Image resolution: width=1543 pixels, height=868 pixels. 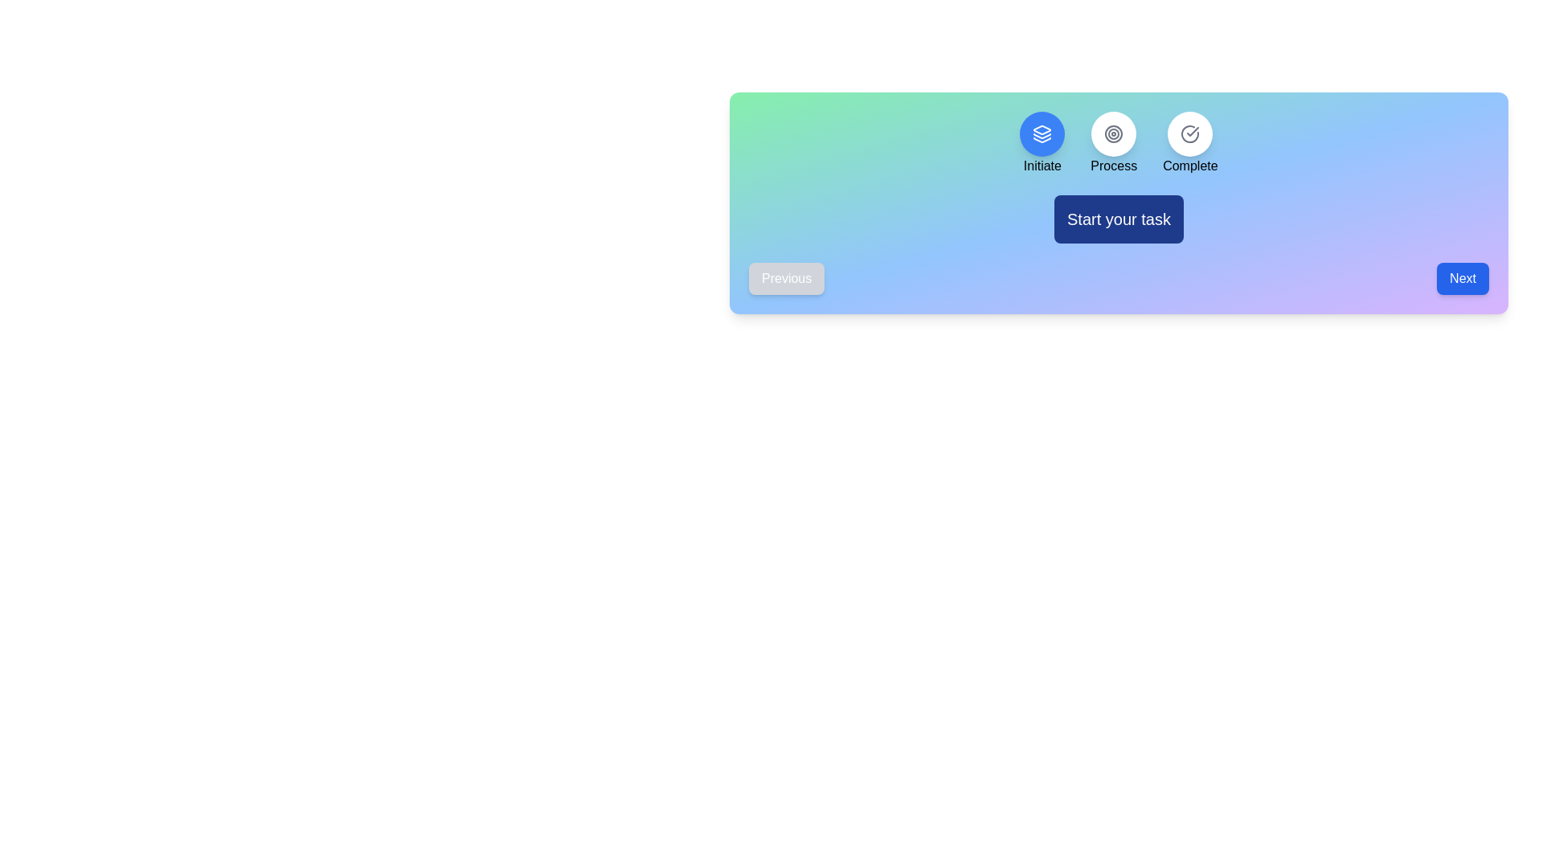 What do you see at coordinates (787, 278) in the screenshot?
I see `the Previous button to navigate the steps` at bounding box center [787, 278].